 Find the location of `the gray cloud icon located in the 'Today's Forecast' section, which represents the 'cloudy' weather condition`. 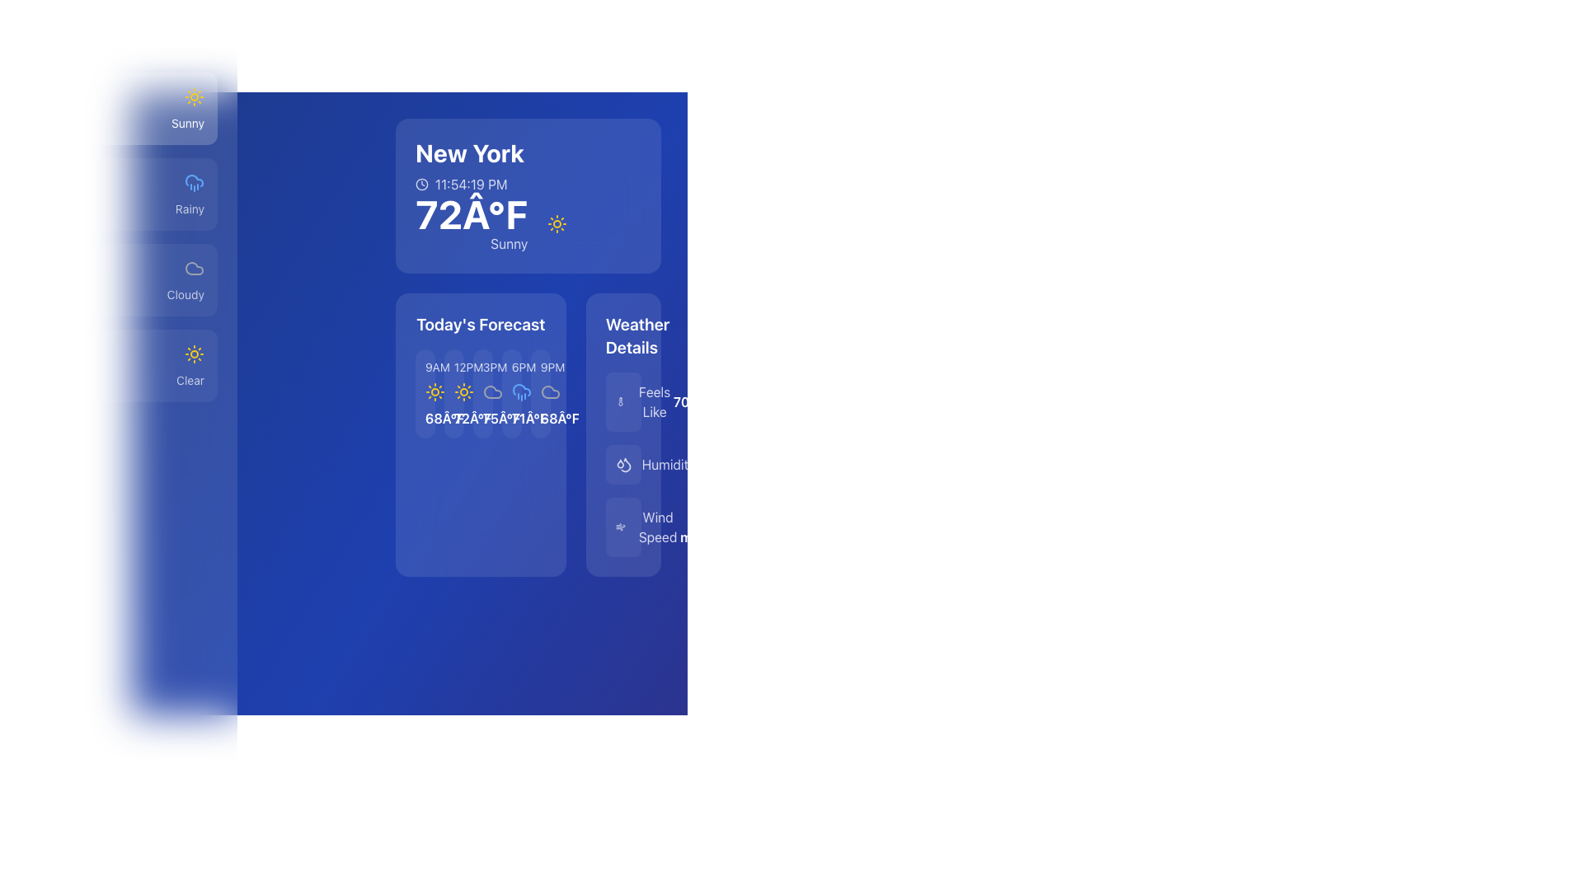

the gray cloud icon located in the 'Today's Forecast' section, which represents the 'cloudy' weather condition is located at coordinates (550, 391).